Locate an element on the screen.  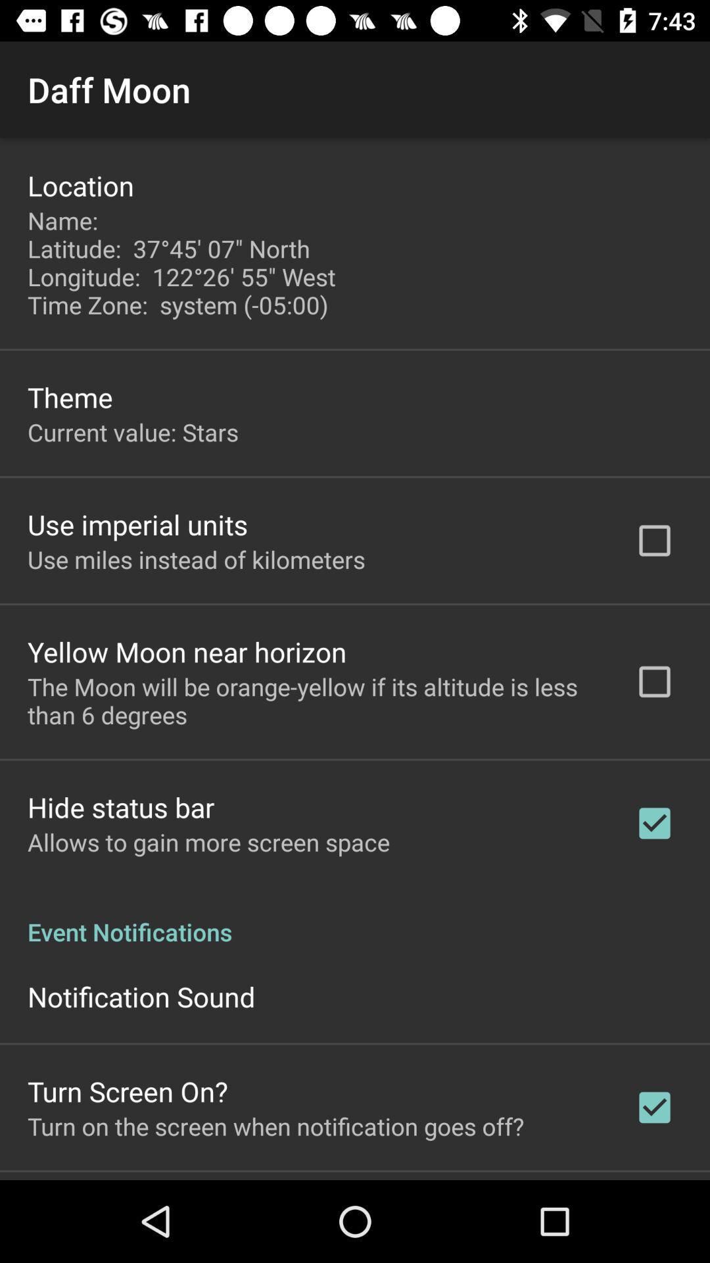
the notification sound is located at coordinates (141, 997).